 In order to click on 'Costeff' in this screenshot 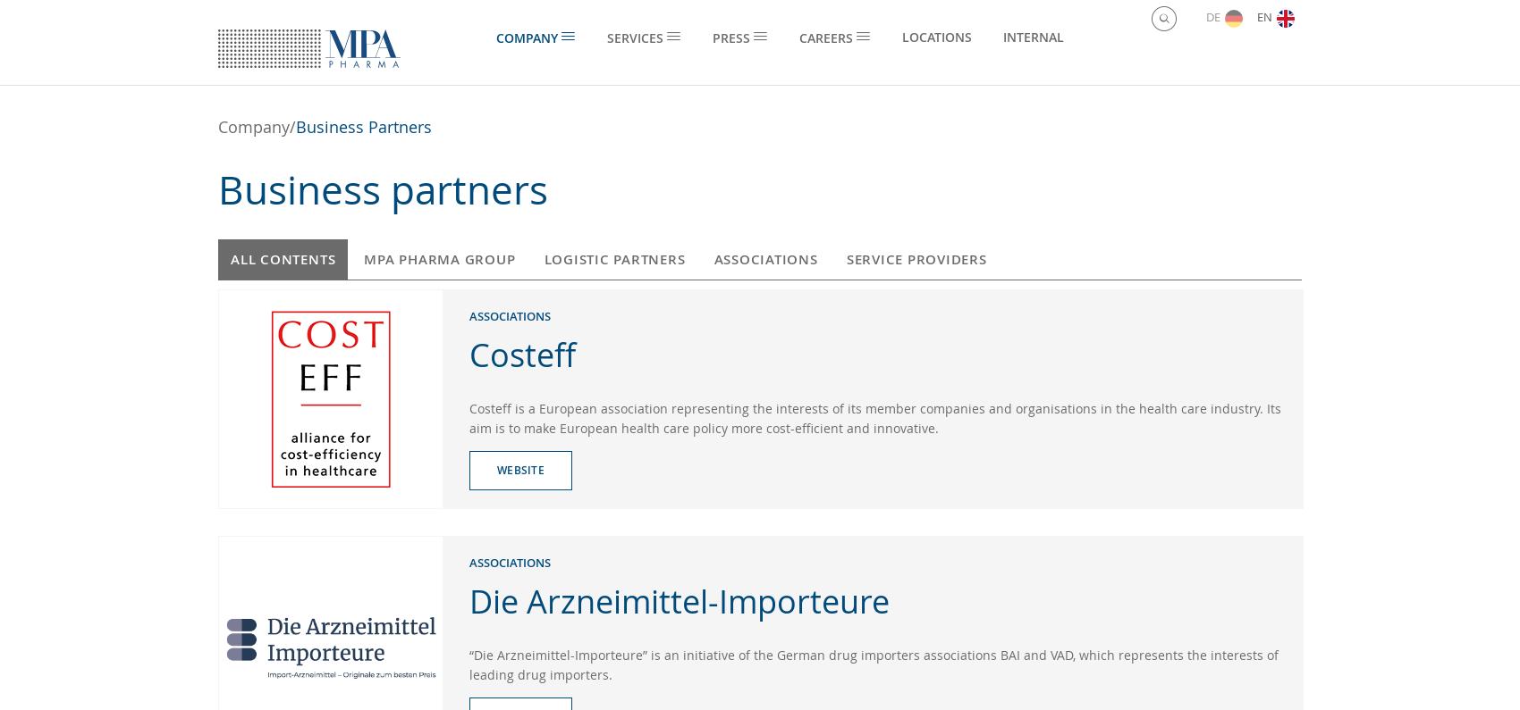, I will do `click(521, 352)`.